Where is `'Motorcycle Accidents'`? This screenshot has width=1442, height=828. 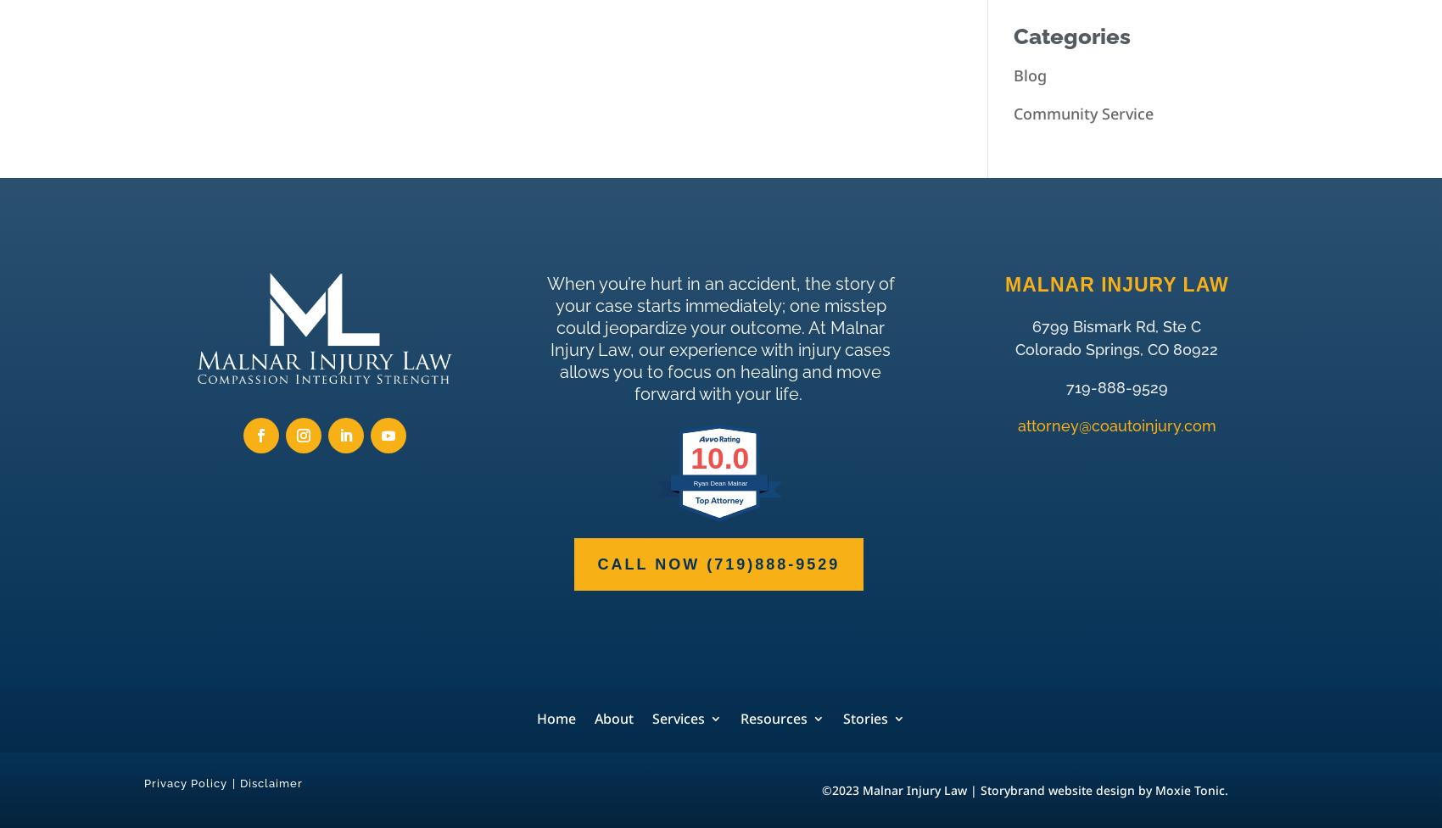
'Motorcycle Accidents' is located at coordinates (712, 514).